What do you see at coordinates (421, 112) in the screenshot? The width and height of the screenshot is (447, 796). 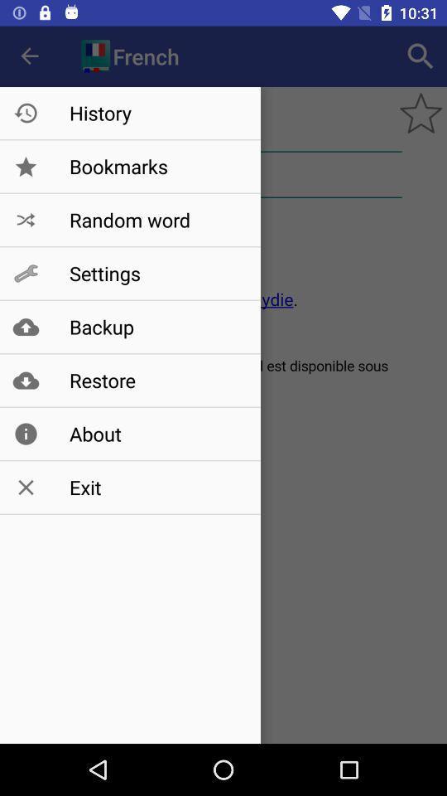 I see `the star icon` at bounding box center [421, 112].